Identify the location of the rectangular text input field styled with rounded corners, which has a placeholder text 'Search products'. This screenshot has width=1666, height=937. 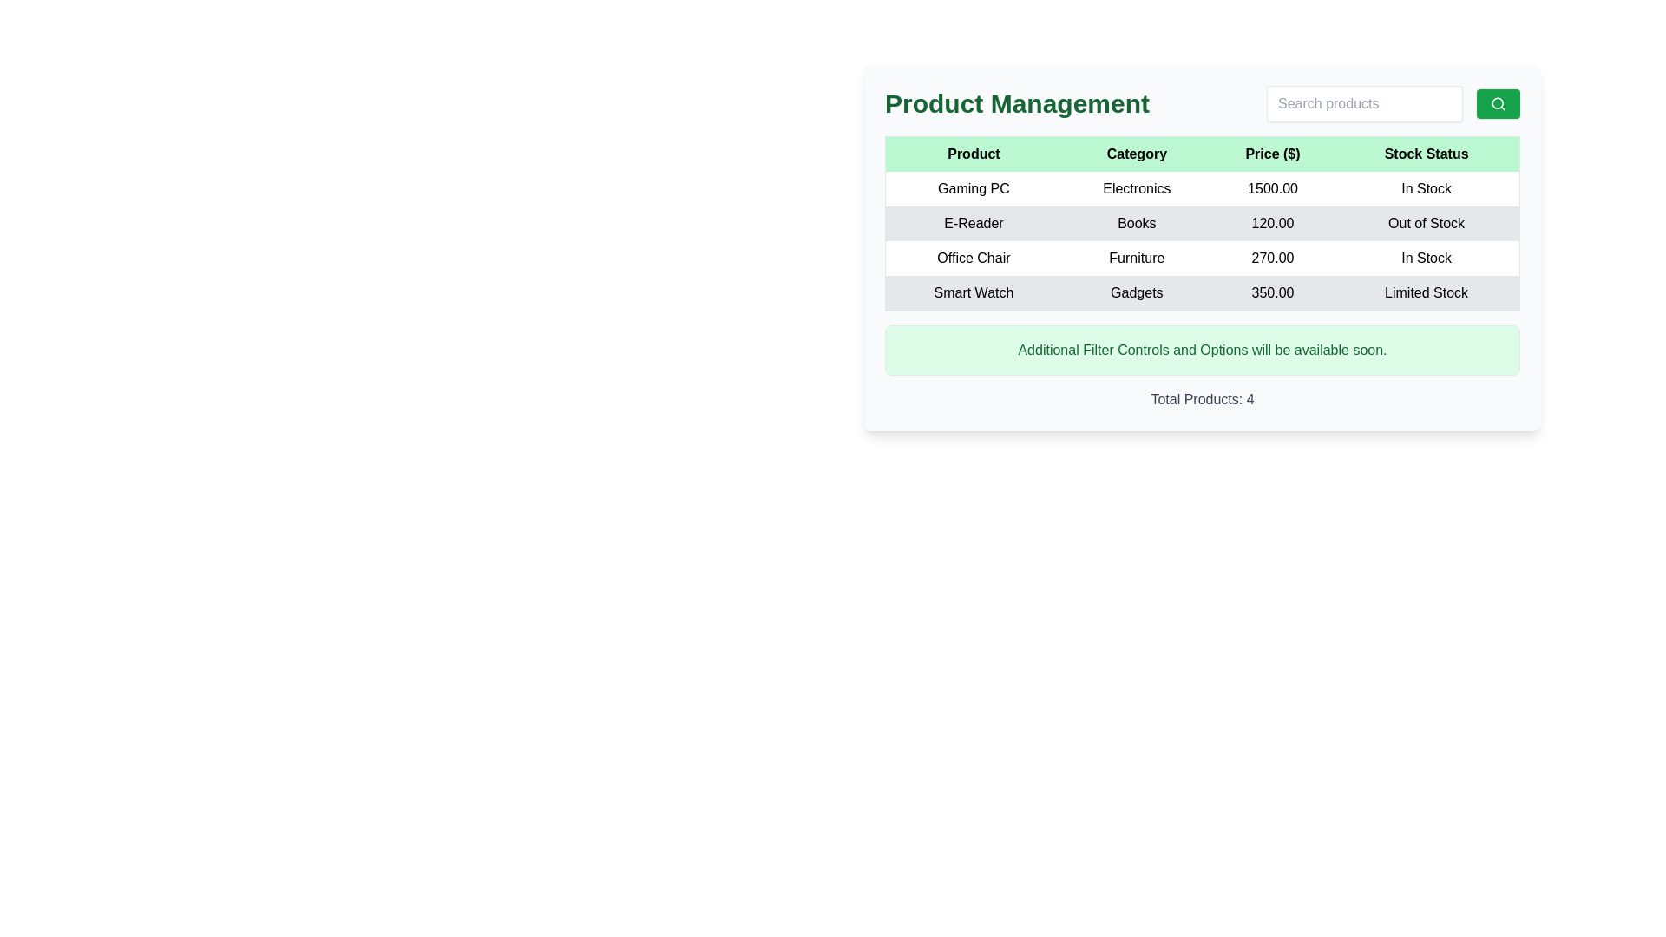
(1364, 103).